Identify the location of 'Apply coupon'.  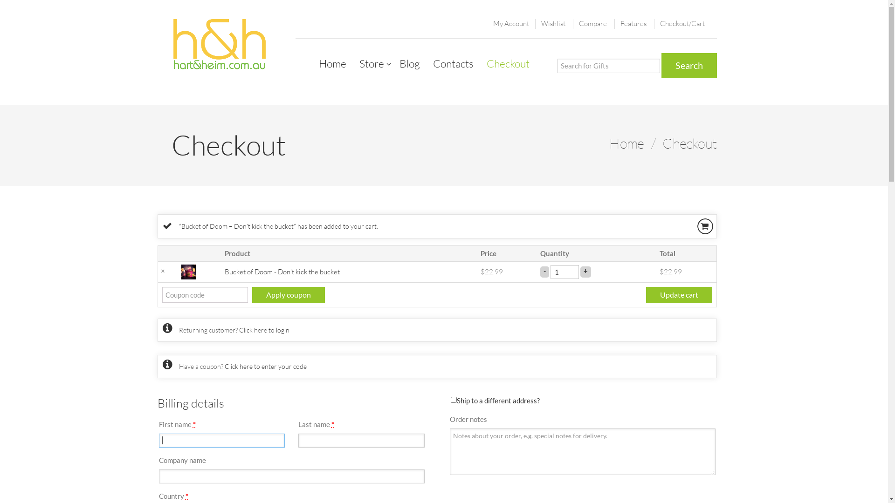
(251, 294).